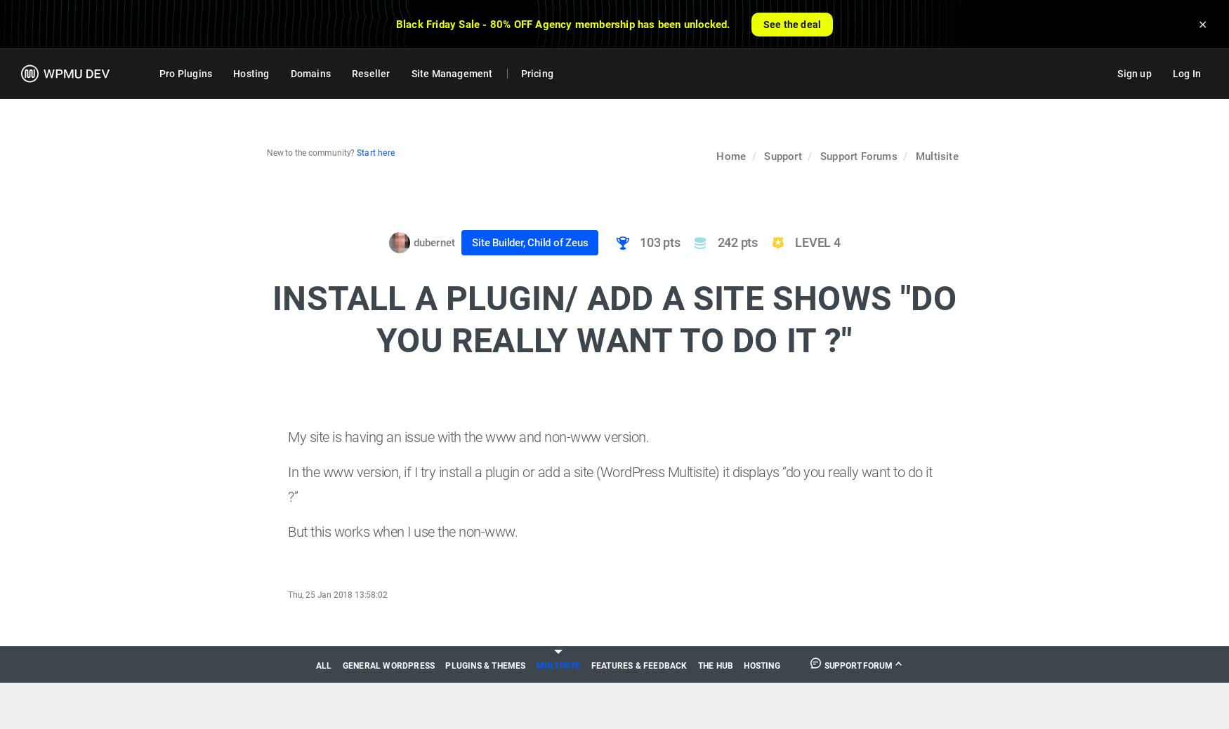  What do you see at coordinates (714, 664) in the screenshot?
I see `'The Hub'` at bounding box center [714, 664].